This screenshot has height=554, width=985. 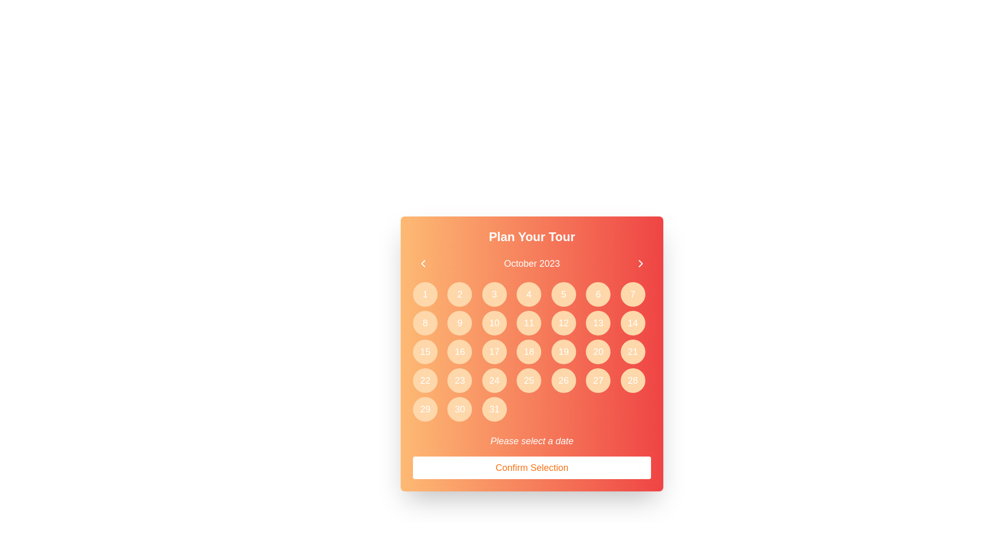 What do you see at coordinates (632, 380) in the screenshot?
I see `the circular button with a cream background and the number '28' at its center, located` at bounding box center [632, 380].